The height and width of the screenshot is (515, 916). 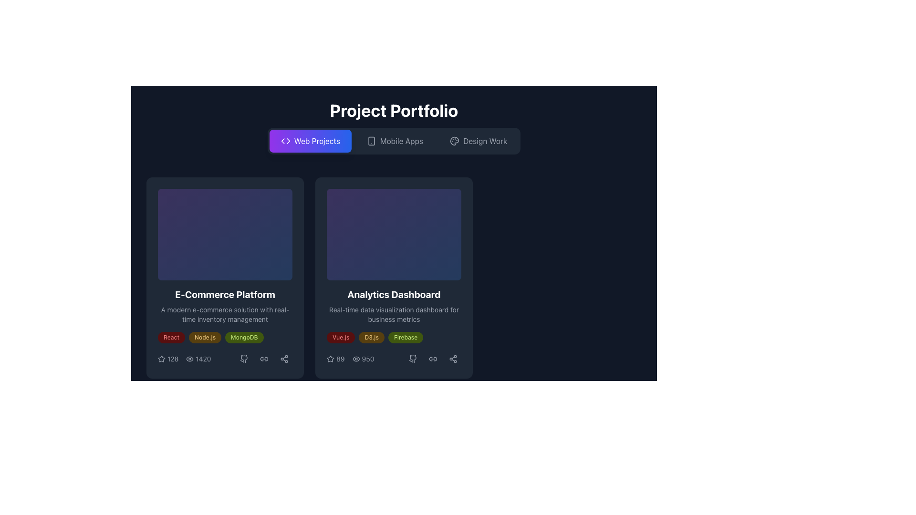 I want to click on the Image Box representing the 'E-Commerce Platform' project, which is the first card in the grid of projects, so click(x=224, y=235).